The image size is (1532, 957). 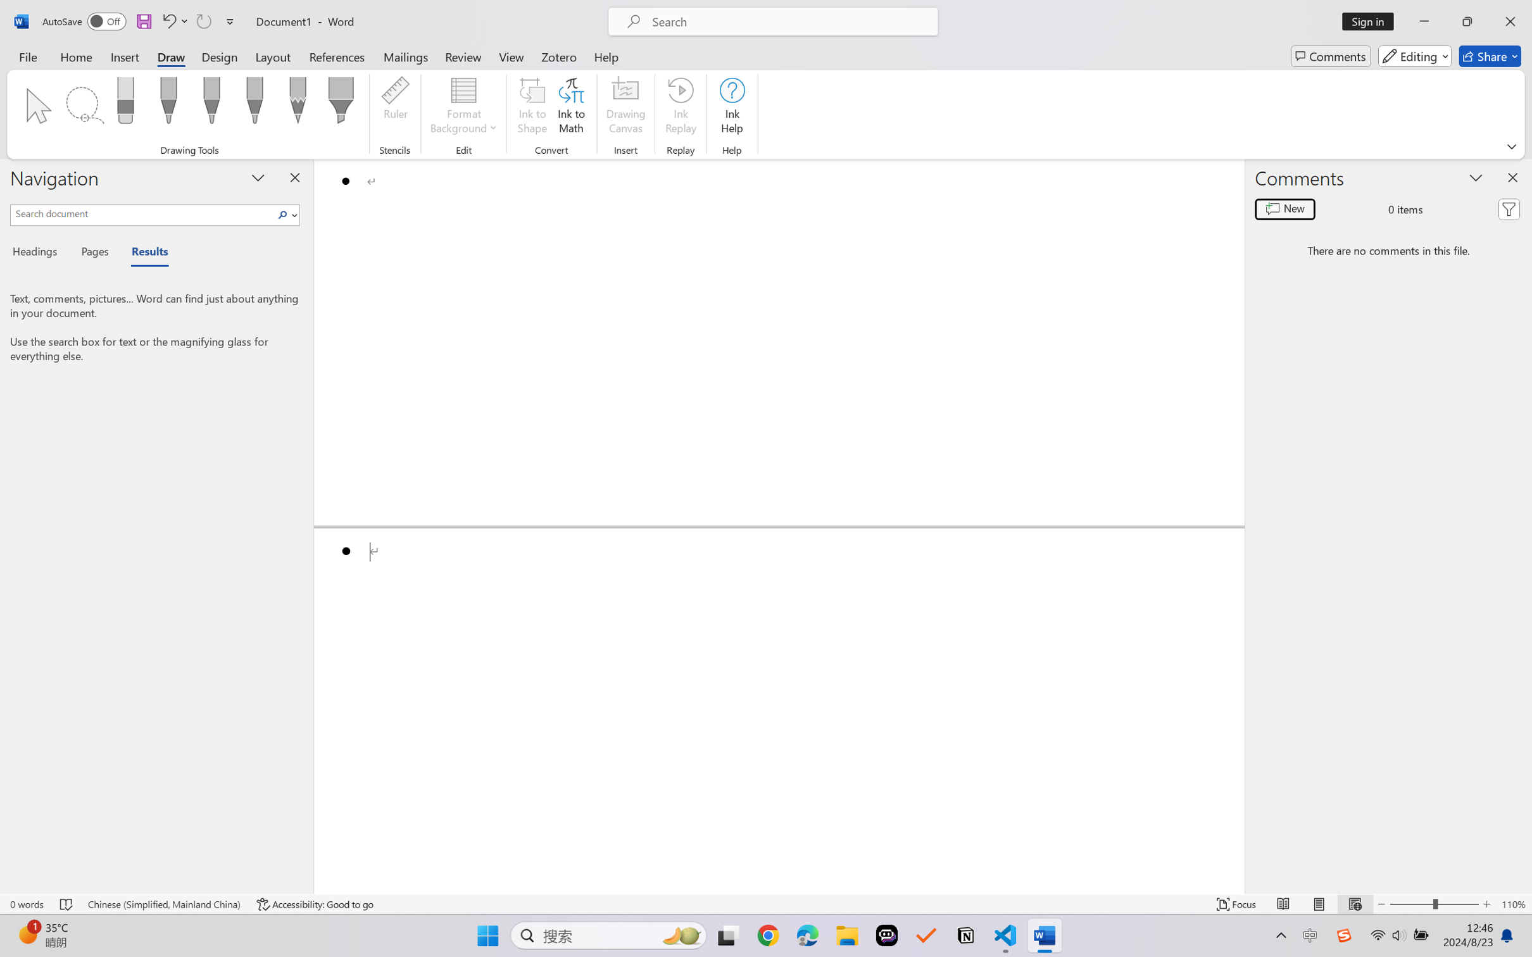 I want to click on 'Ink to Math', so click(x=571, y=108).